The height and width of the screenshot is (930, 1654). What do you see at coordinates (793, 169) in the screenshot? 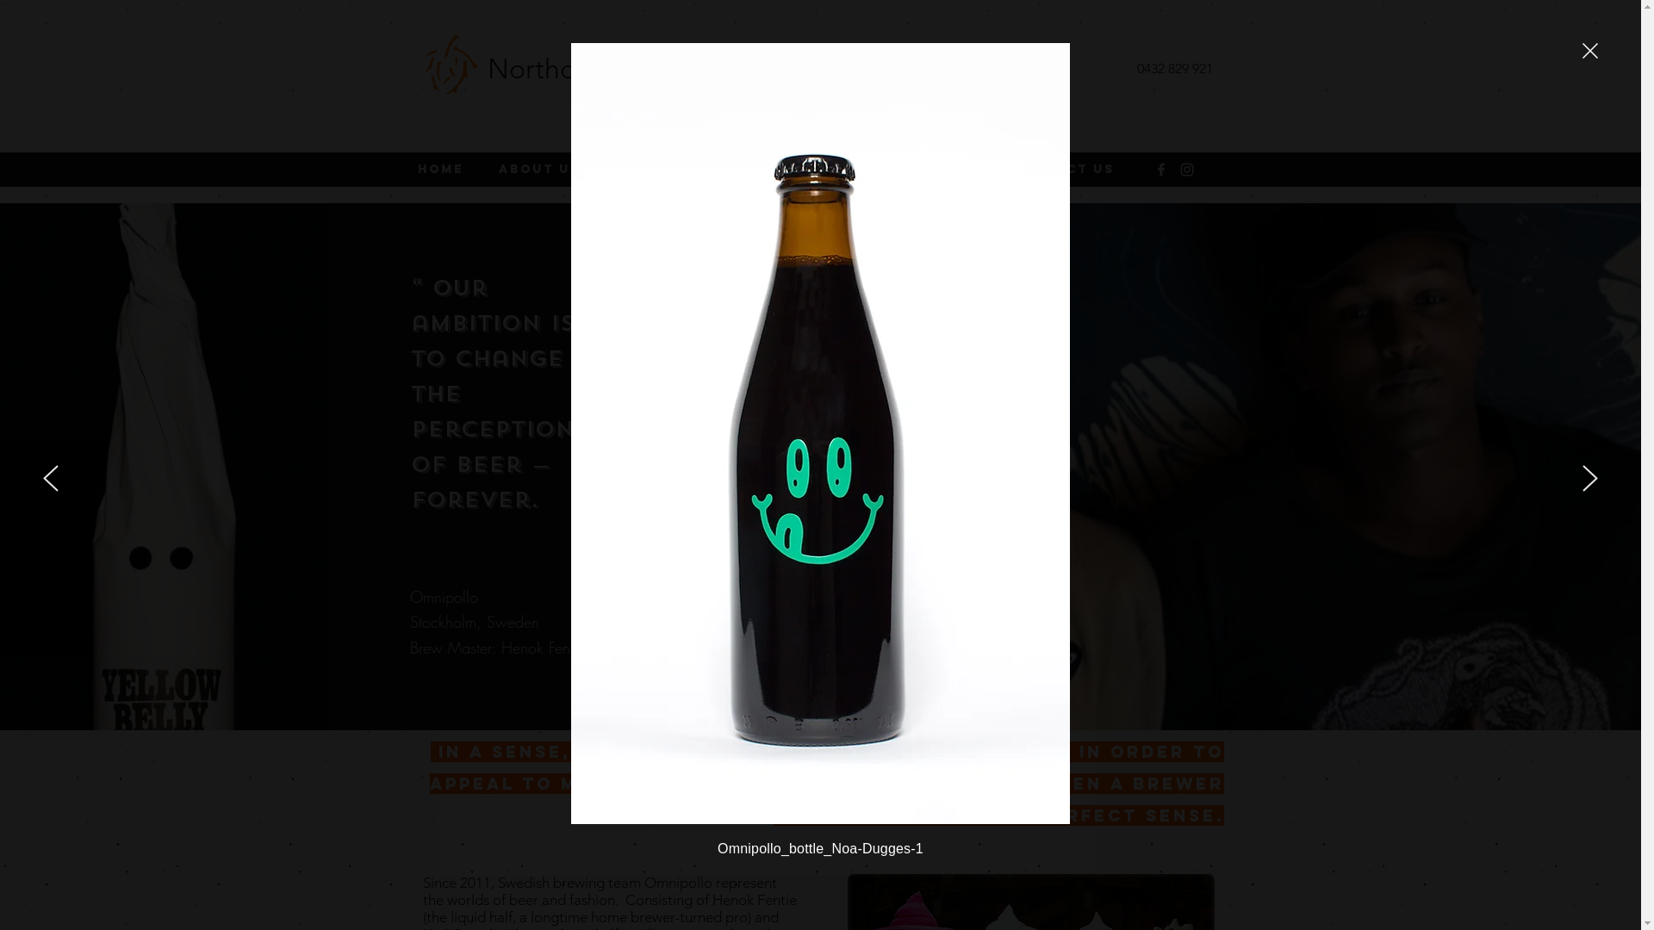
I see `'Trade Info'` at bounding box center [793, 169].